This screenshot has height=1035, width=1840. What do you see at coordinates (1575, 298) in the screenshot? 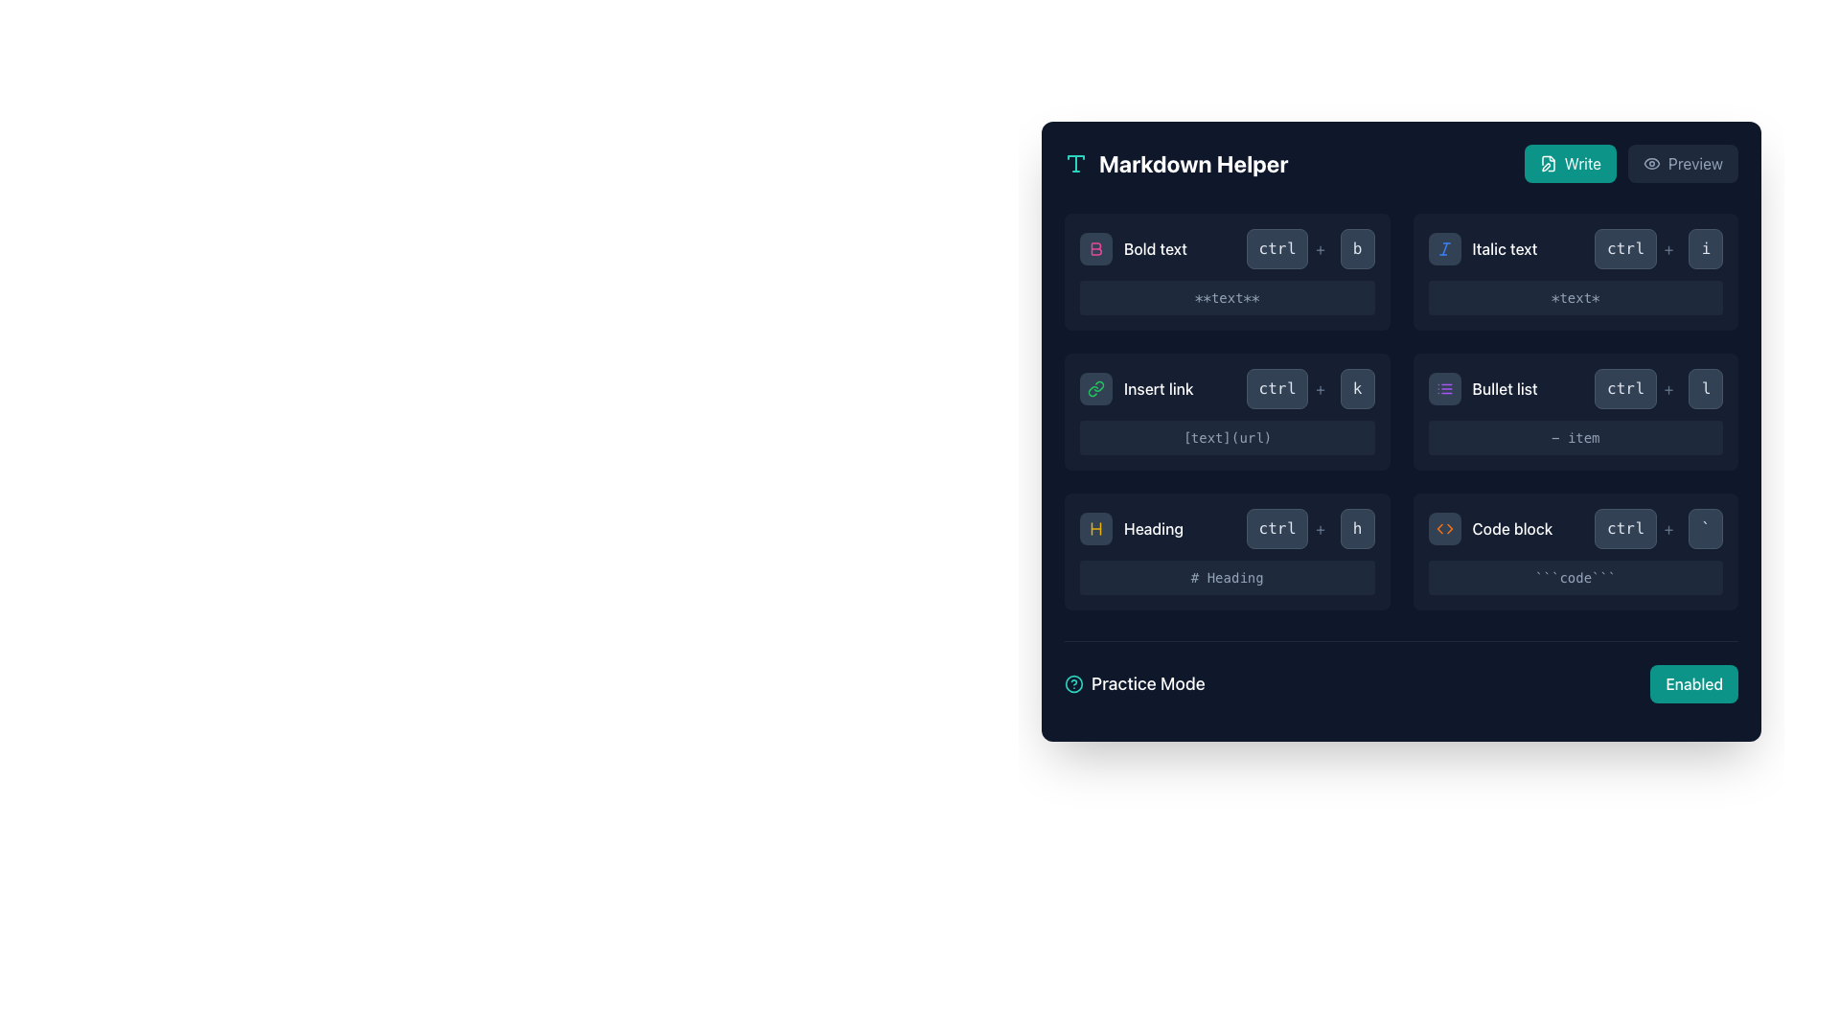
I see `the Text Display element that visually represents italic text rendered in markdown syntax, located in the third row of the Markdown Helper layout beneath the 'Italic text' section` at bounding box center [1575, 298].